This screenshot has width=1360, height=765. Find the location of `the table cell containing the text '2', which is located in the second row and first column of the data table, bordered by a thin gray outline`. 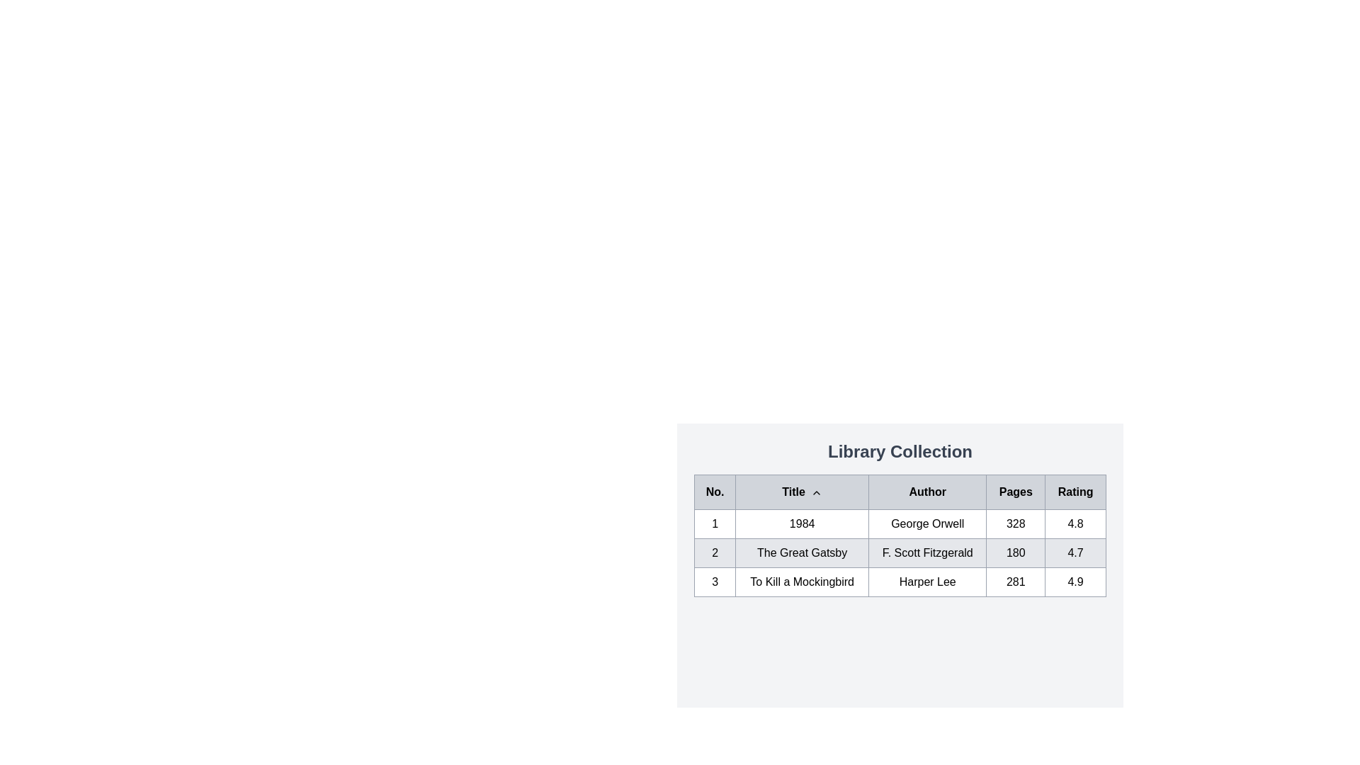

the table cell containing the text '2', which is located in the second row and first column of the data table, bordered by a thin gray outline is located at coordinates (715, 552).